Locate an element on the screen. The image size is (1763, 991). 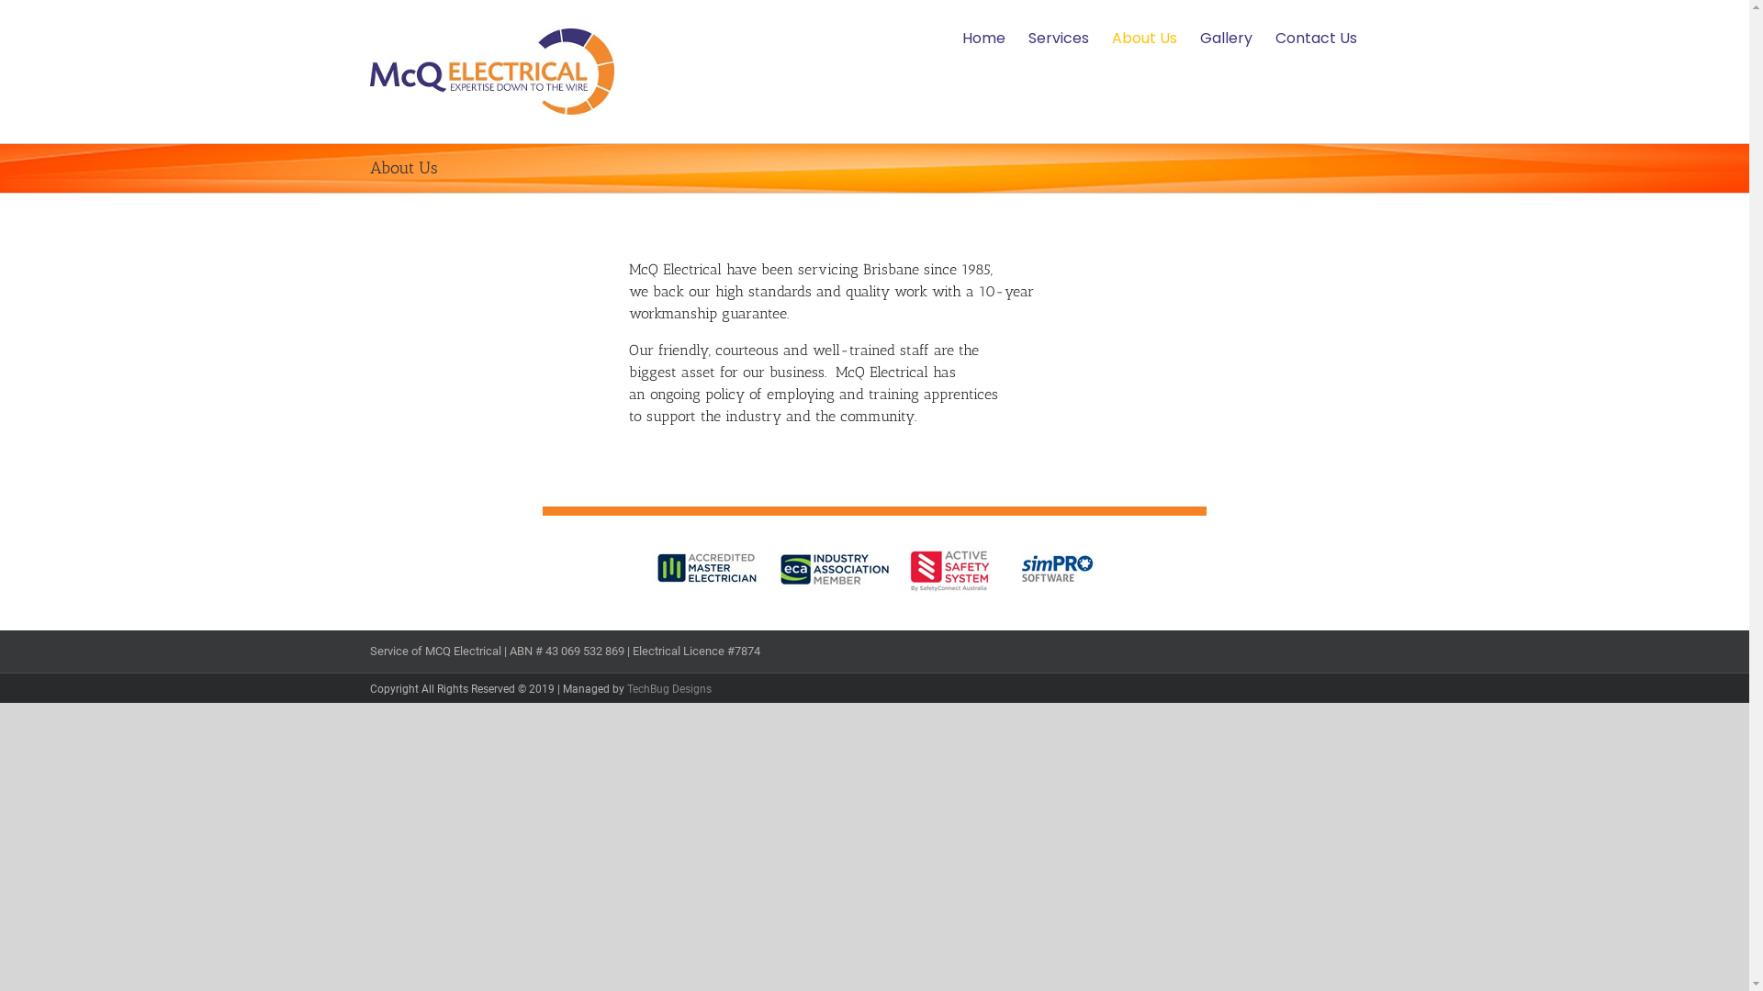
'Services' is located at coordinates (1027, 39).